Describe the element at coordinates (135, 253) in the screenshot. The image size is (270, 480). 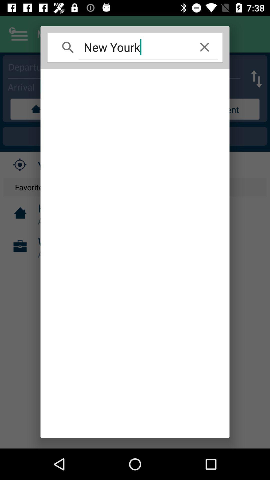
I see `item at the center` at that location.